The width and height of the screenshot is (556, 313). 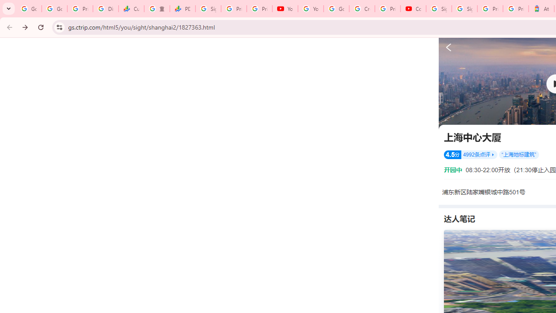 What do you see at coordinates (464, 9) in the screenshot?
I see `'Sign in - Google Accounts'` at bounding box center [464, 9].